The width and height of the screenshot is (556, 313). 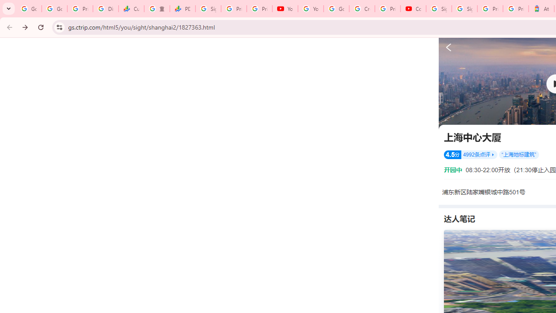 What do you see at coordinates (464, 9) in the screenshot?
I see `'Sign in - Google Accounts'` at bounding box center [464, 9].